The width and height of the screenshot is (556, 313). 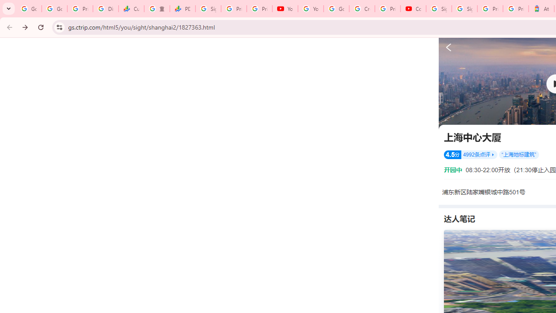 What do you see at coordinates (464, 9) in the screenshot?
I see `'Sign in - Google Accounts'` at bounding box center [464, 9].